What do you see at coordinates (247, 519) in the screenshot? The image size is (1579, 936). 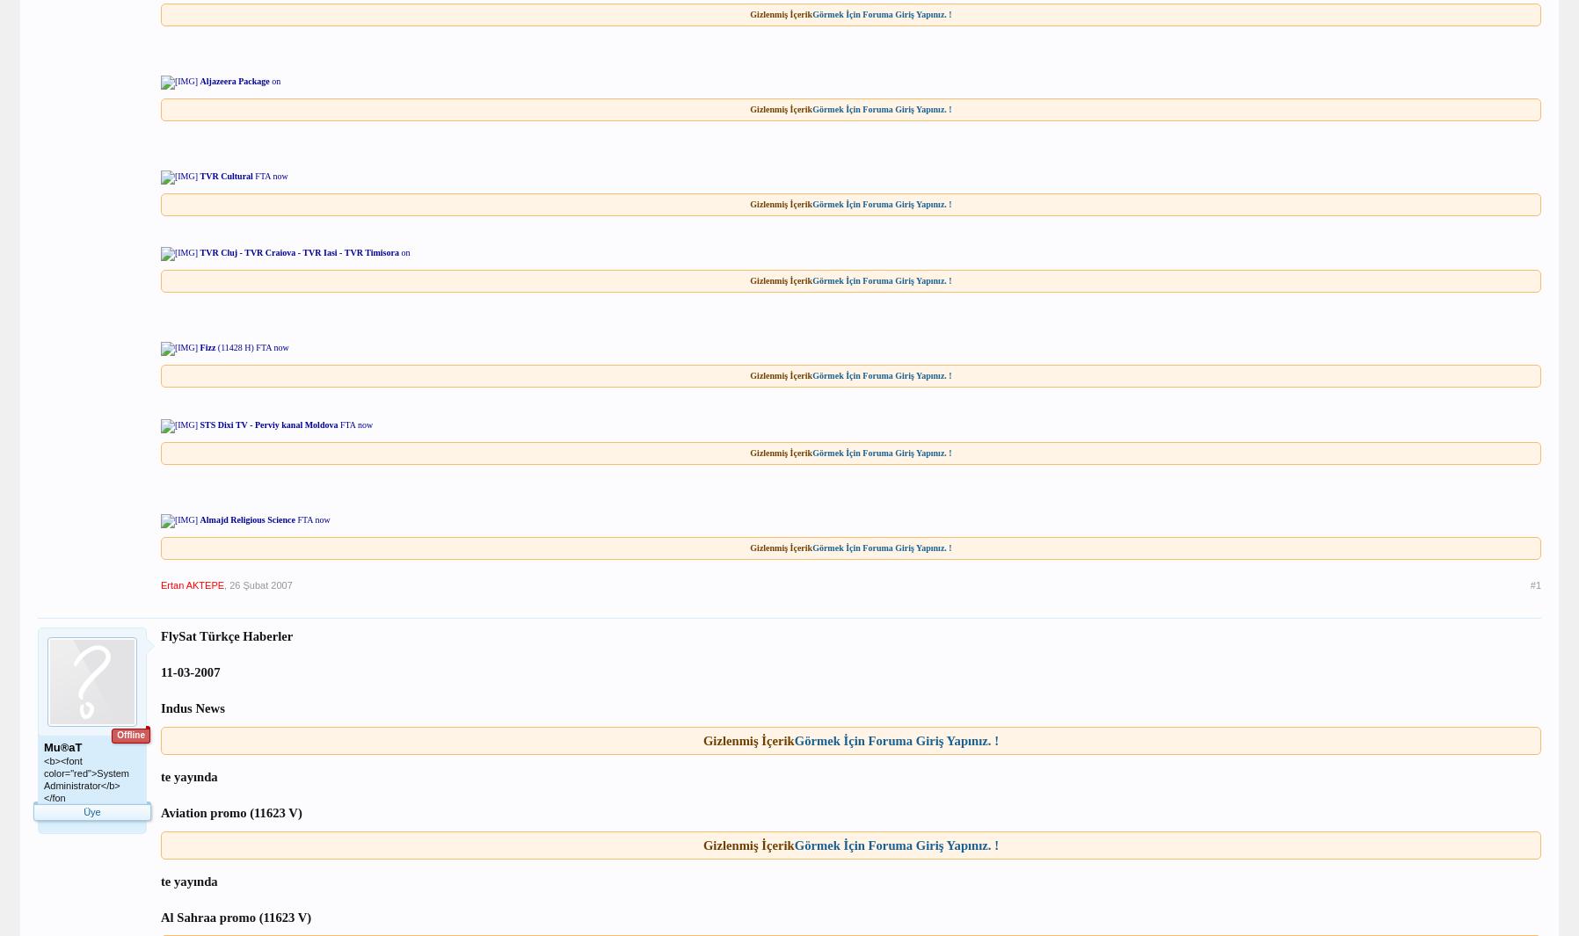 I see `'Almajd Religious Science'` at bounding box center [247, 519].